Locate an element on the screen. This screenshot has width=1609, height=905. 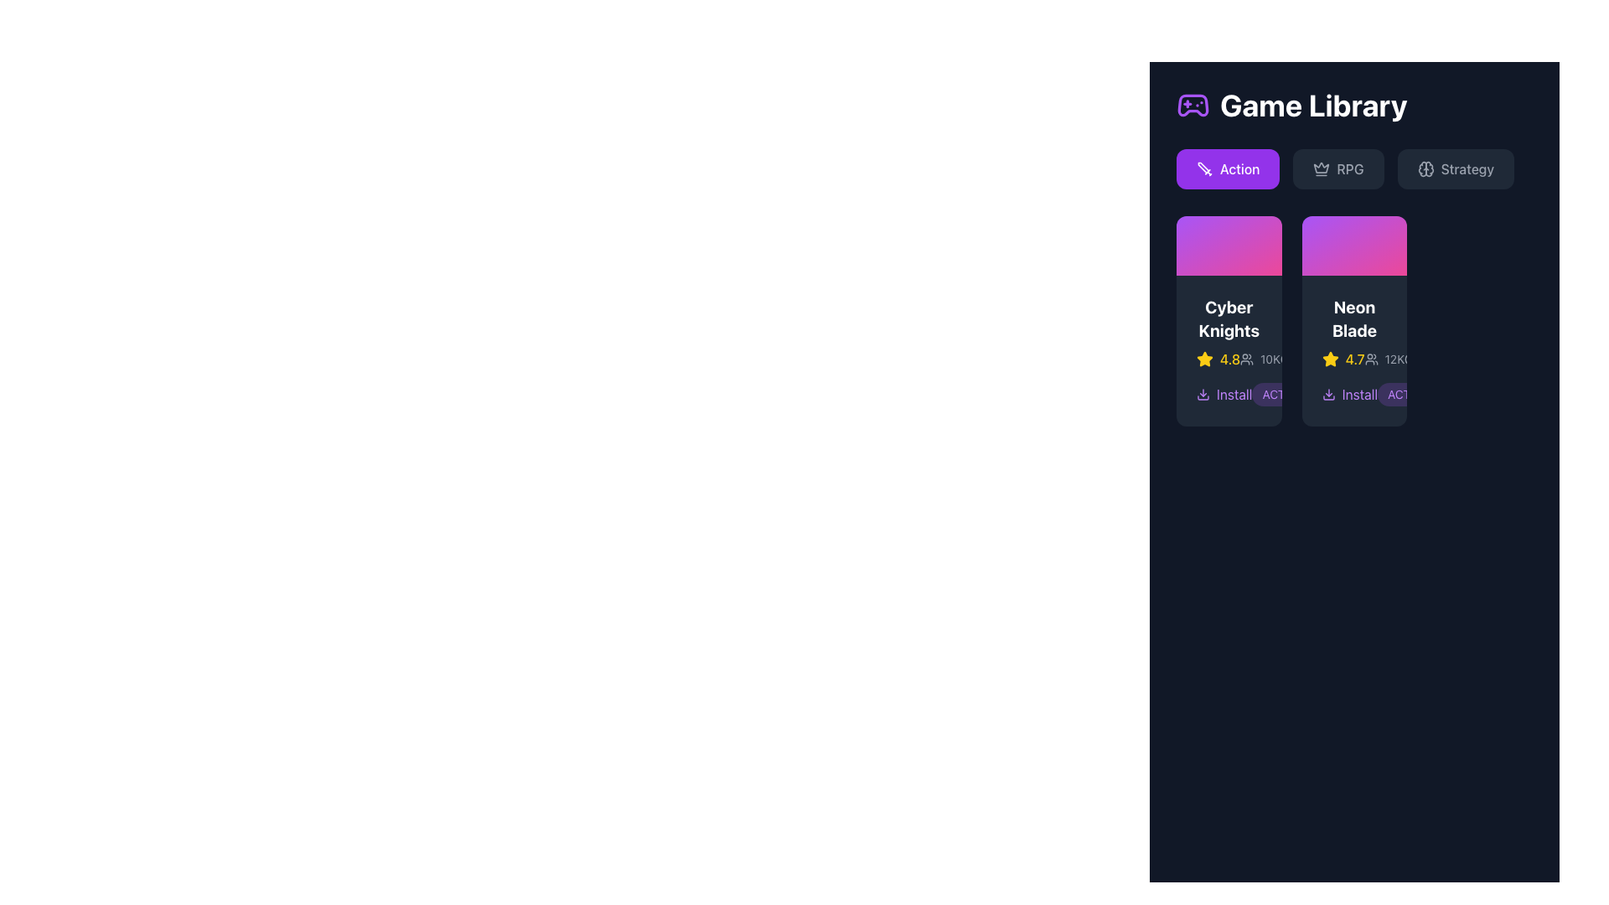
the text label displaying the rating score '4.7' for the 'Neon Blade' game, located to the right of the star icon within the game card is located at coordinates (1355, 358).